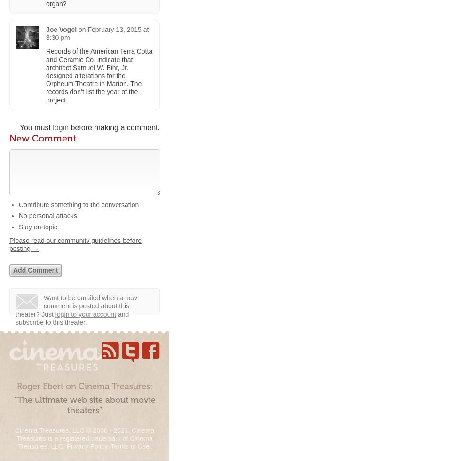  What do you see at coordinates (75, 244) in the screenshot?
I see `'Please read our community guidelines before posting →'` at bounding box center [75, 244].